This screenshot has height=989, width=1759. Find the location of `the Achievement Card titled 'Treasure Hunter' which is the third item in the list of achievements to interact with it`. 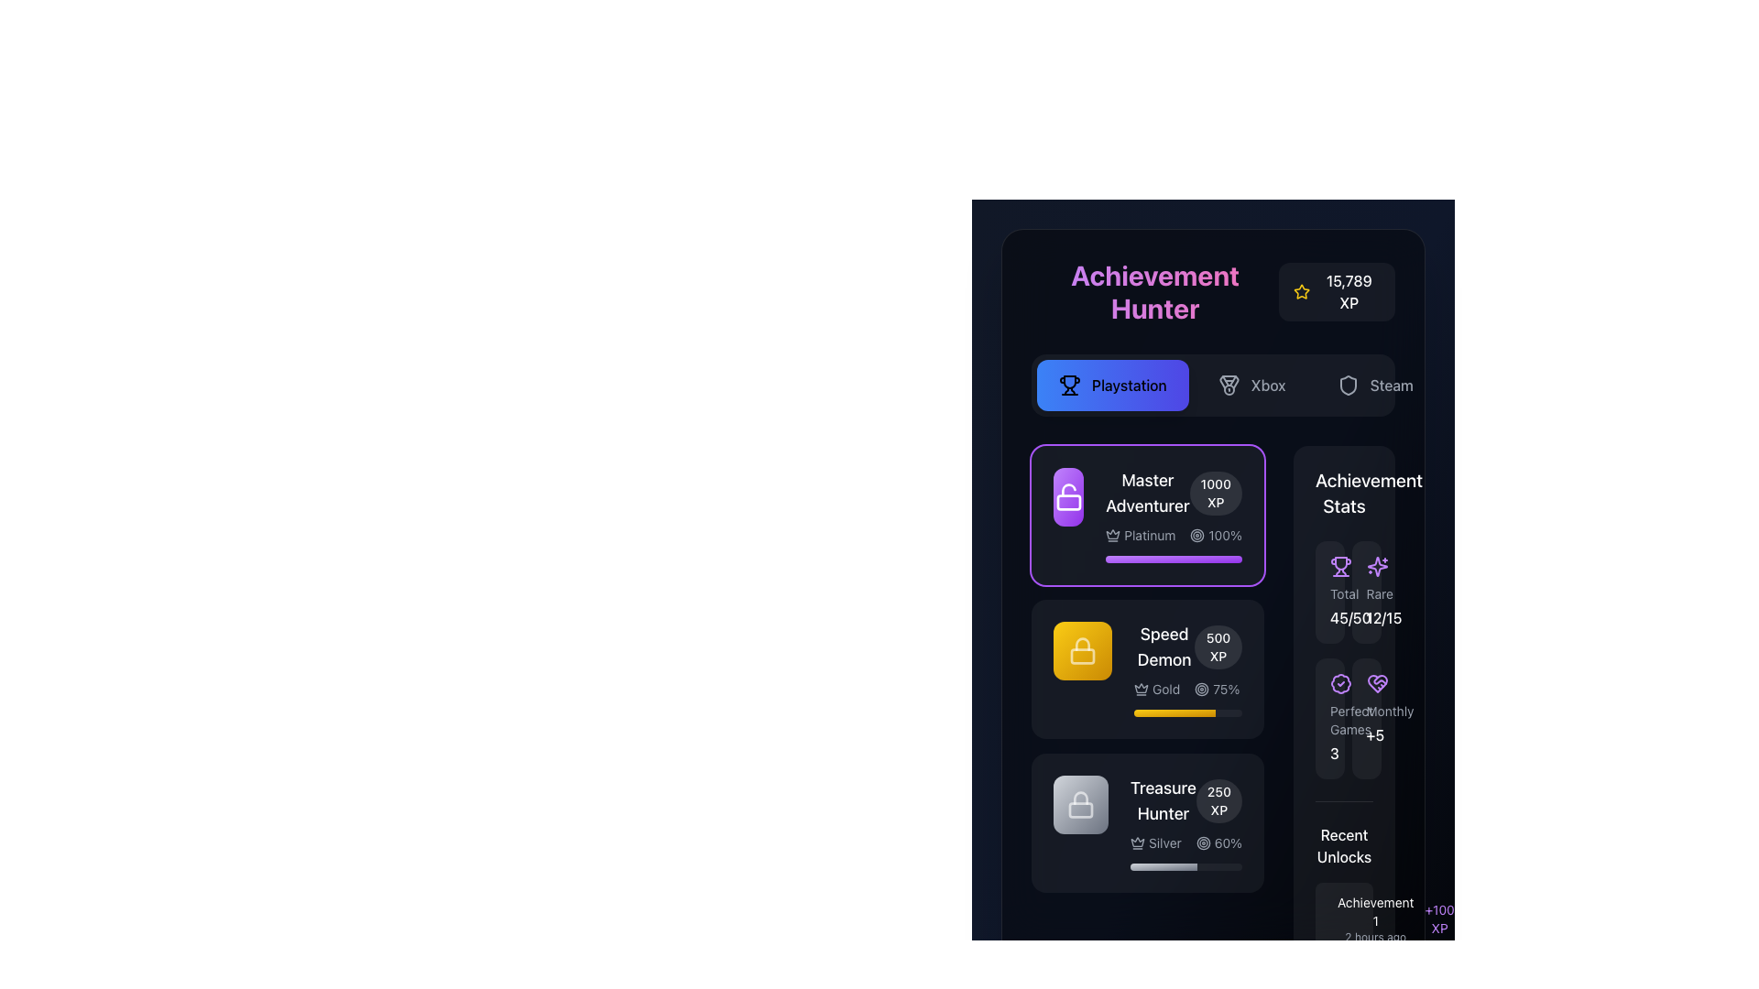

the Achievement Card titled 'Treasure Hunter' which is the third item in the list of achievements to interact with it is located at coordinates (1146, 821).